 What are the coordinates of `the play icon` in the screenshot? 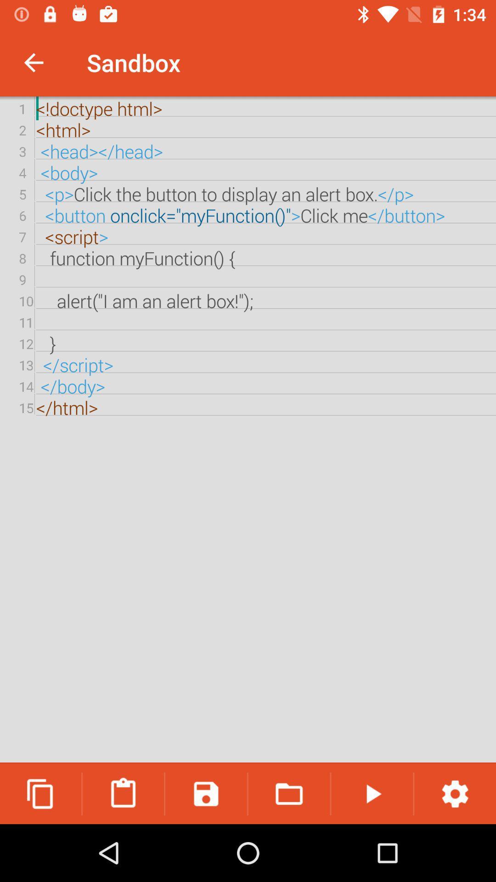 It's located at (372, 793).